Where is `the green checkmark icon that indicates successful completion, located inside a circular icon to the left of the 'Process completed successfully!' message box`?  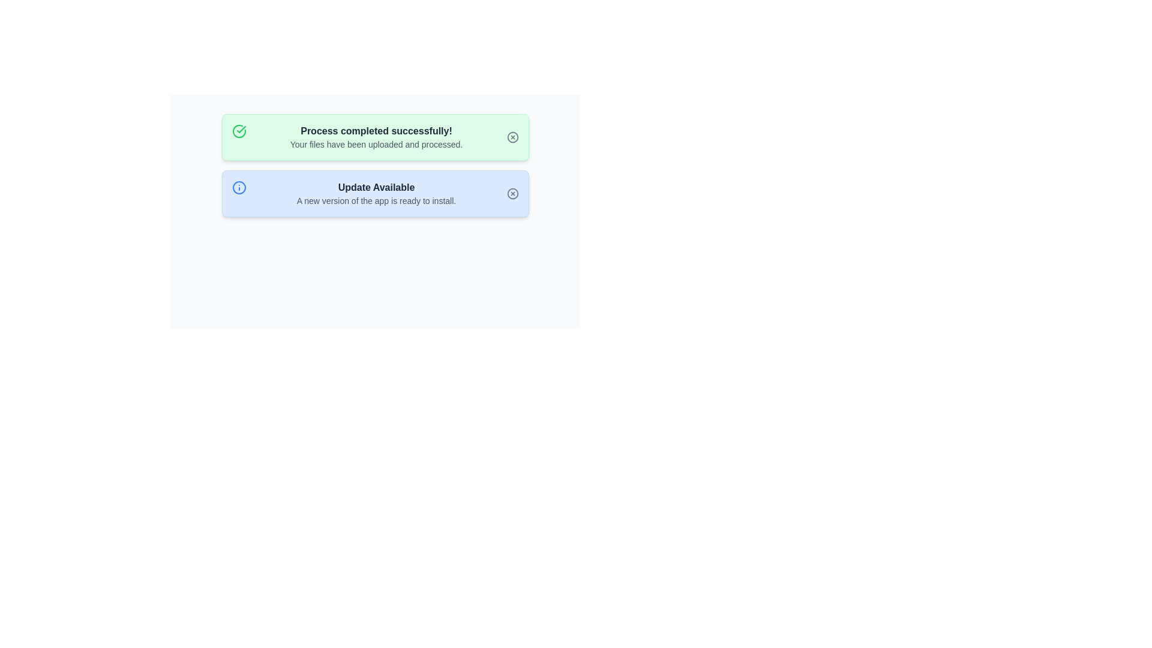
the green checkmark icon that indicates successful completion, located inside a circular icon to the left of the 'Process completed successfully!' message box is located at coordinates (241, 130).